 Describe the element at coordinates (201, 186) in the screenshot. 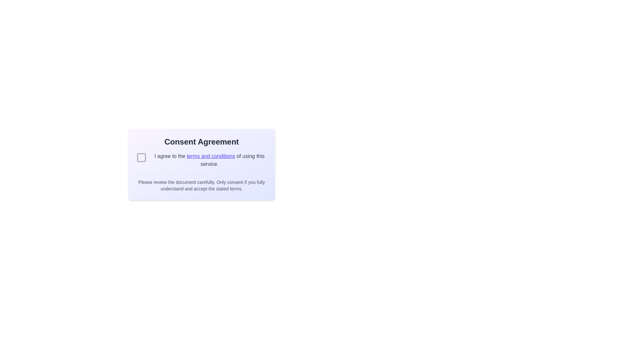

I see `text content that states: 'Please review the document carefully. Only consent if you fully understand and accept the stated terms.' This text is styled in gray, small-sized font and is located at the bottom of the consent dialog box` at that location.